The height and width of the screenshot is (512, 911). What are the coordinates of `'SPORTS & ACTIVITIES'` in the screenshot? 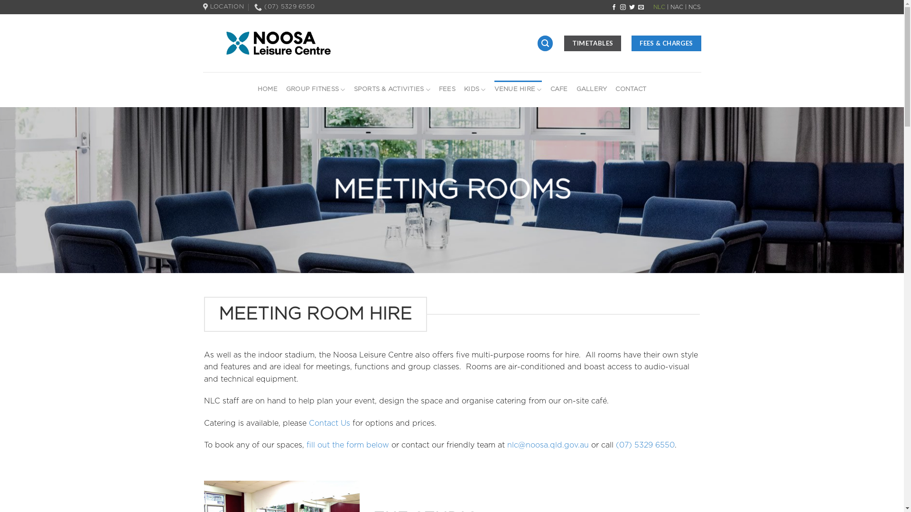 It's located at (392, 90).